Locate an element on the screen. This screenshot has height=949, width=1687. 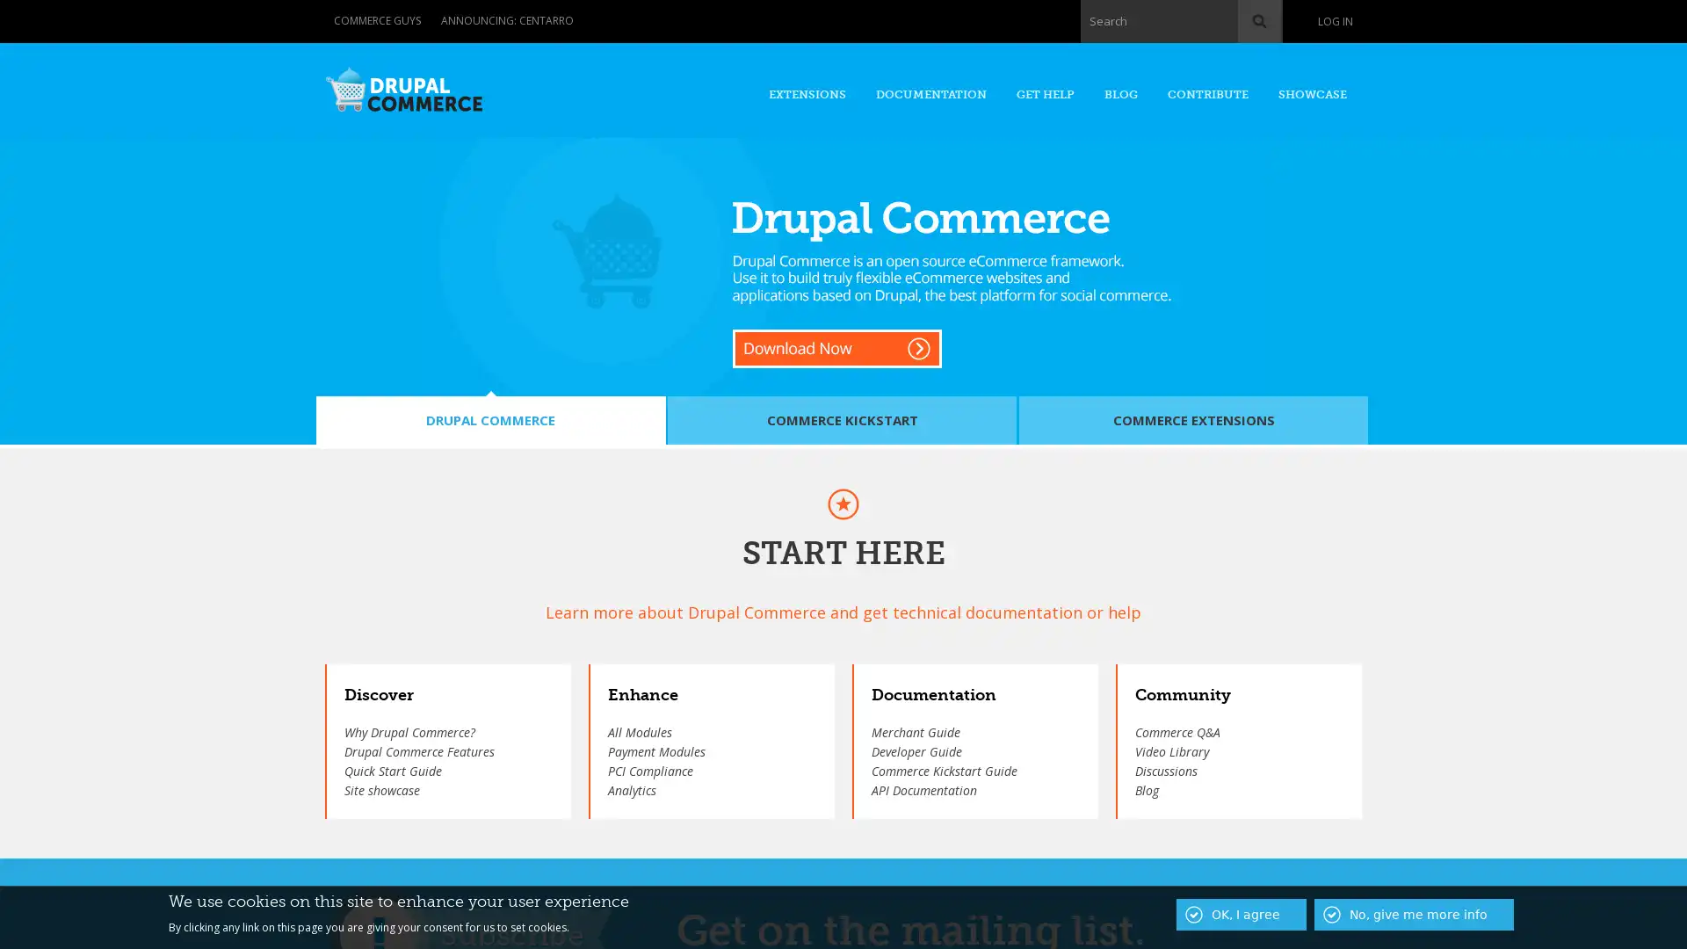
No, give me more info is located at coordinates (1414, 914).